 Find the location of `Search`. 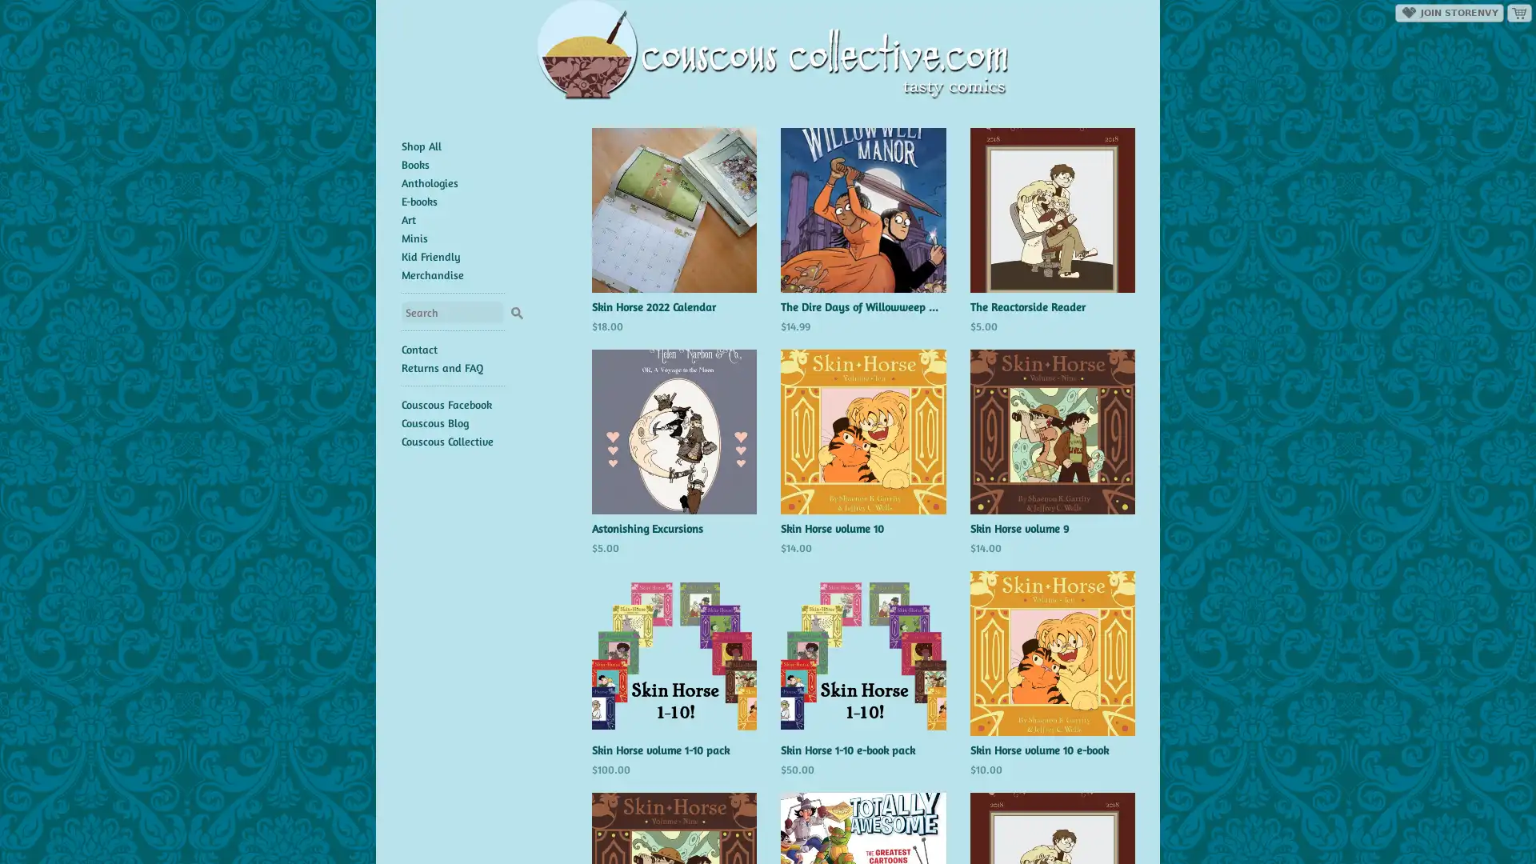

Search is located at coordinates (516, 310).